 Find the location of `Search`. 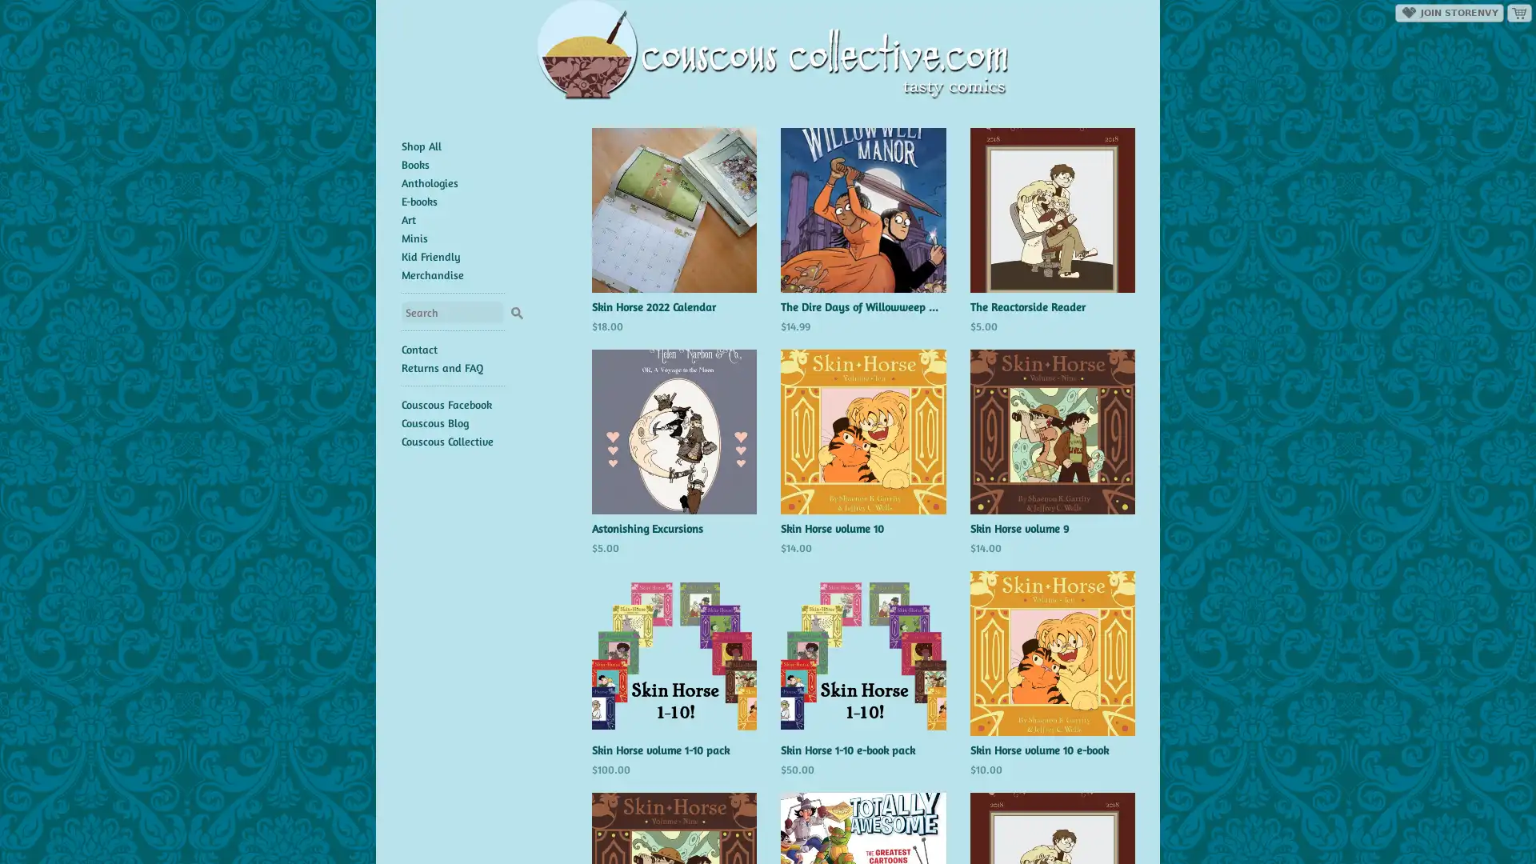

Search is located at coordinates (516, 310).